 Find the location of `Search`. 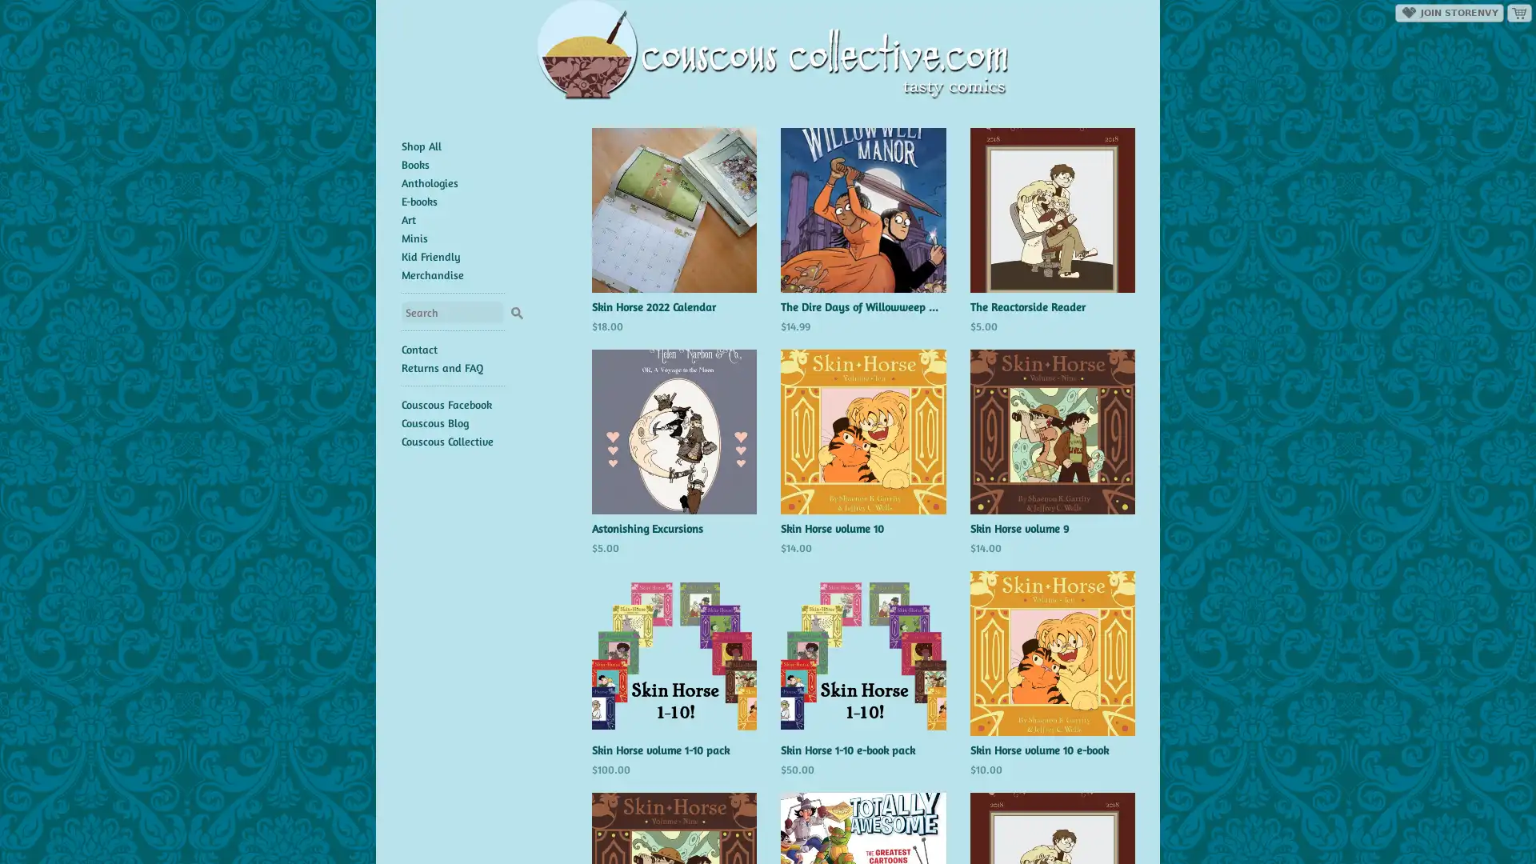

Search is located at coordinates (516, 310).